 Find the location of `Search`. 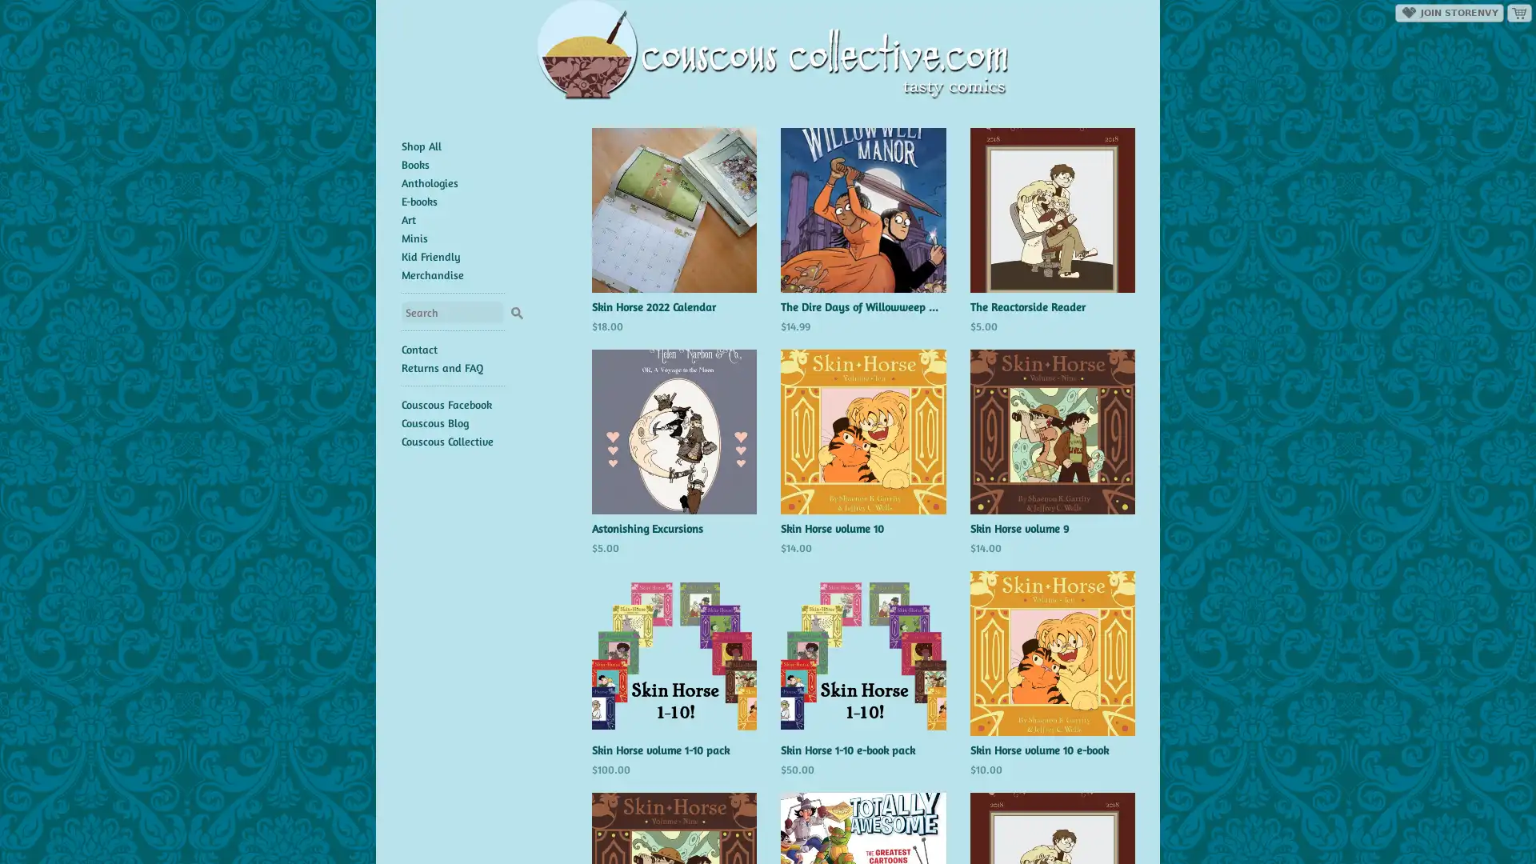

Search is located at coordinates (516, 310).